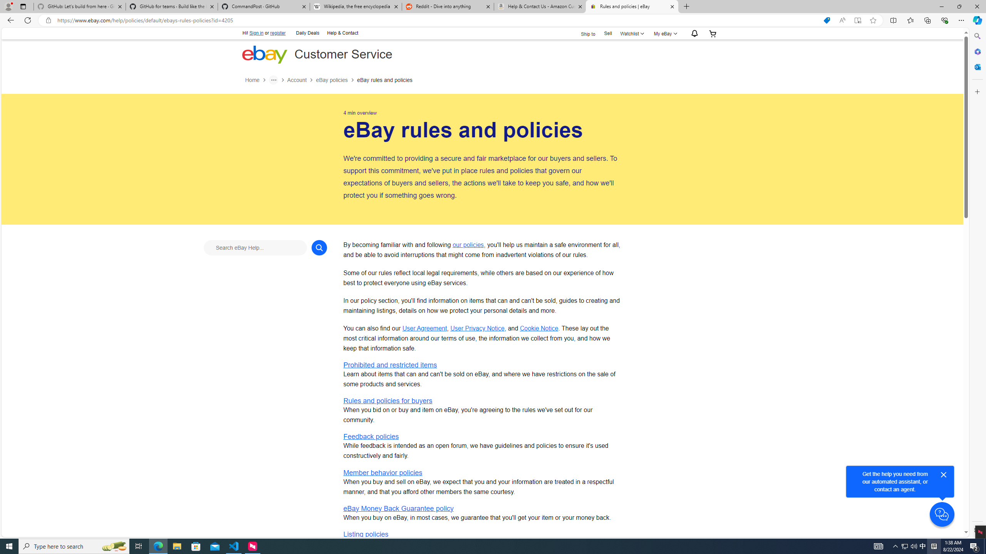 The image size is (986, 554). What do you see at coordinates (398, 508) in the screenshot?
I see `'eBay Money Back Guarantee policy'` at bounding box center [398, 508].